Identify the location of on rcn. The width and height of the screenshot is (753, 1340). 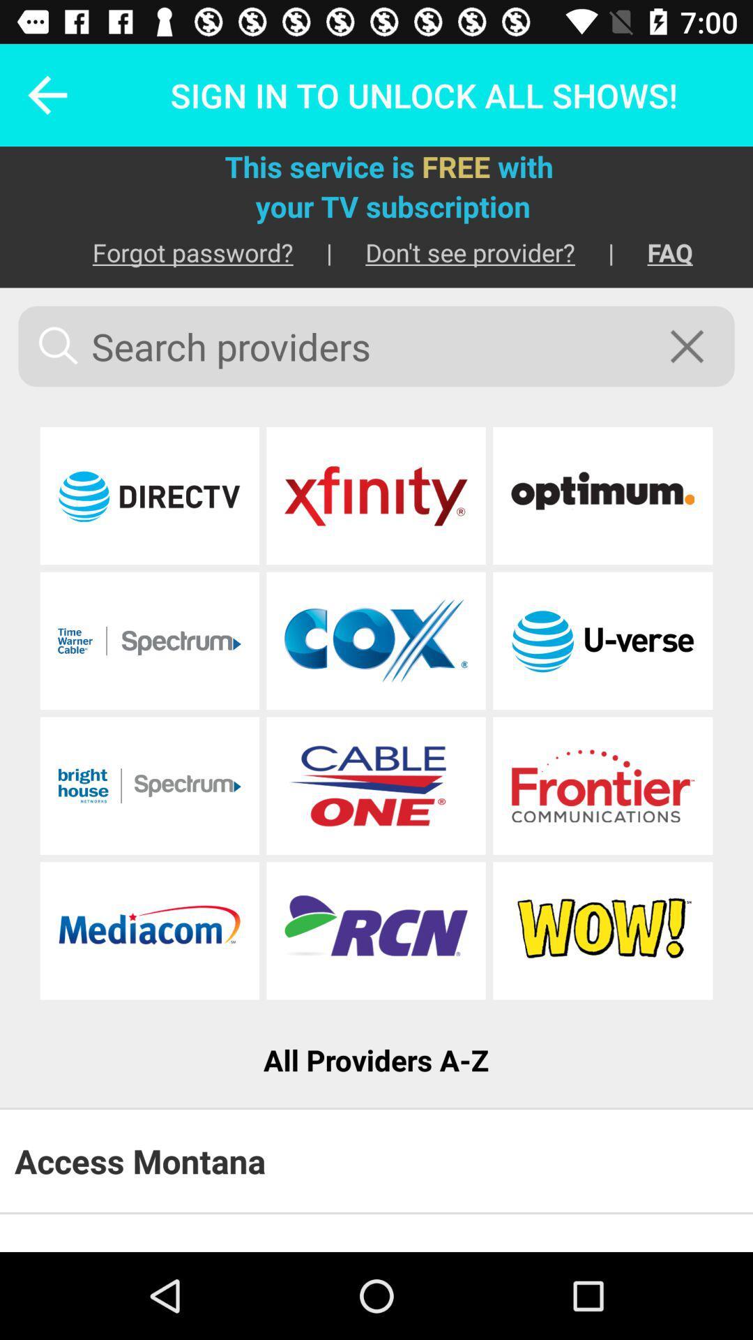
(375, 930).